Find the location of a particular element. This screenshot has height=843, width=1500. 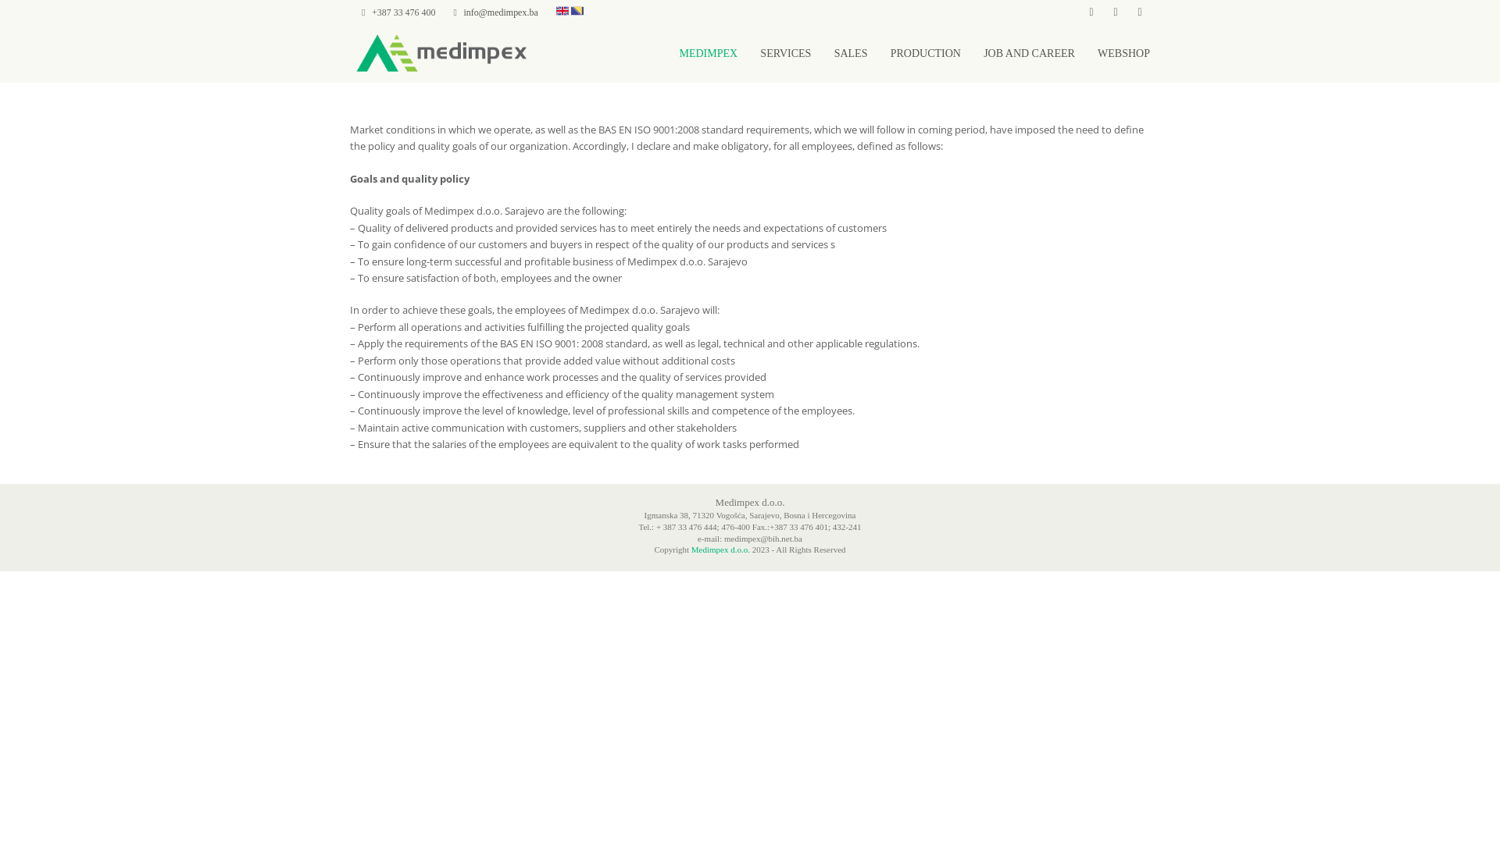

'MEDIMPEX' is located at coordinates (707, 52).